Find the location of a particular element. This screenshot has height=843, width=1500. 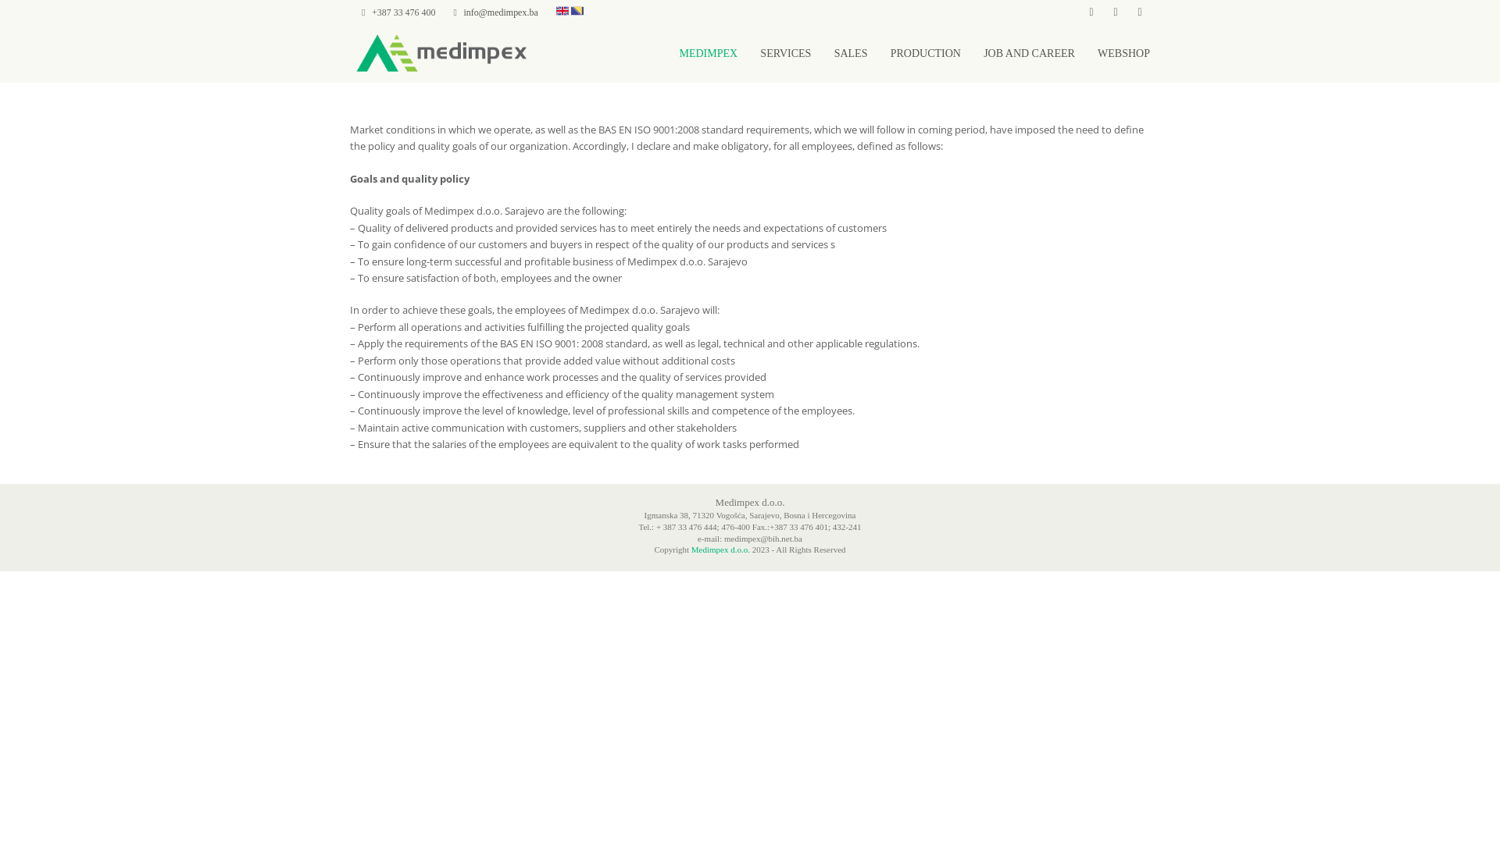

'MEDIMPEX' is located at coordinates (707, 52).